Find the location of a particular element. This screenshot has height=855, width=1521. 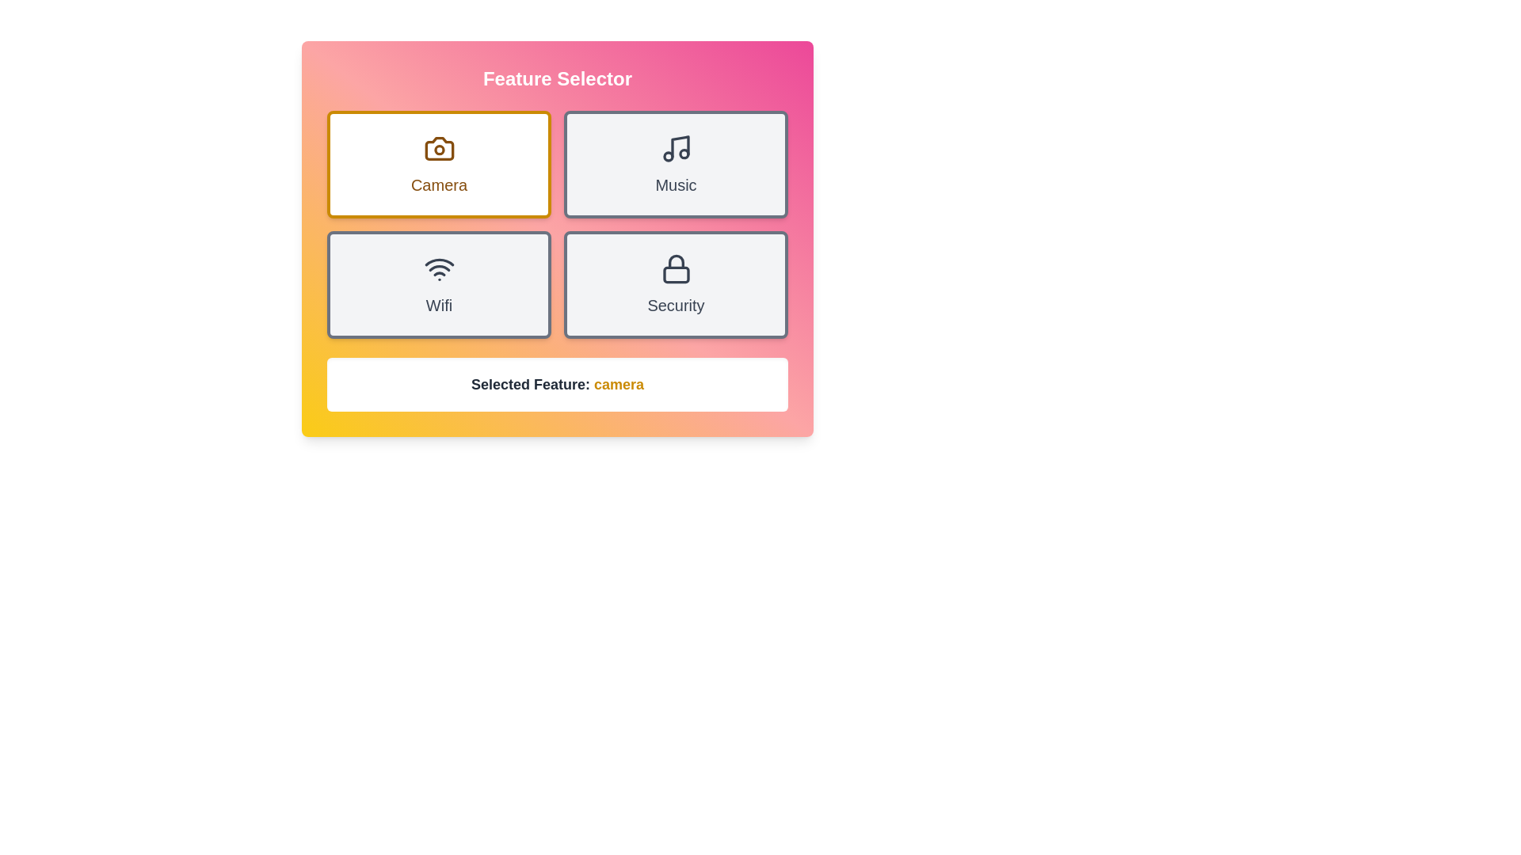

the 'Camera' text label, which is styled in brown, medium-sized, capitalized font, located beneath the camera icon in the top-left card of the feature selector grid is located at coordinates (439, 184).